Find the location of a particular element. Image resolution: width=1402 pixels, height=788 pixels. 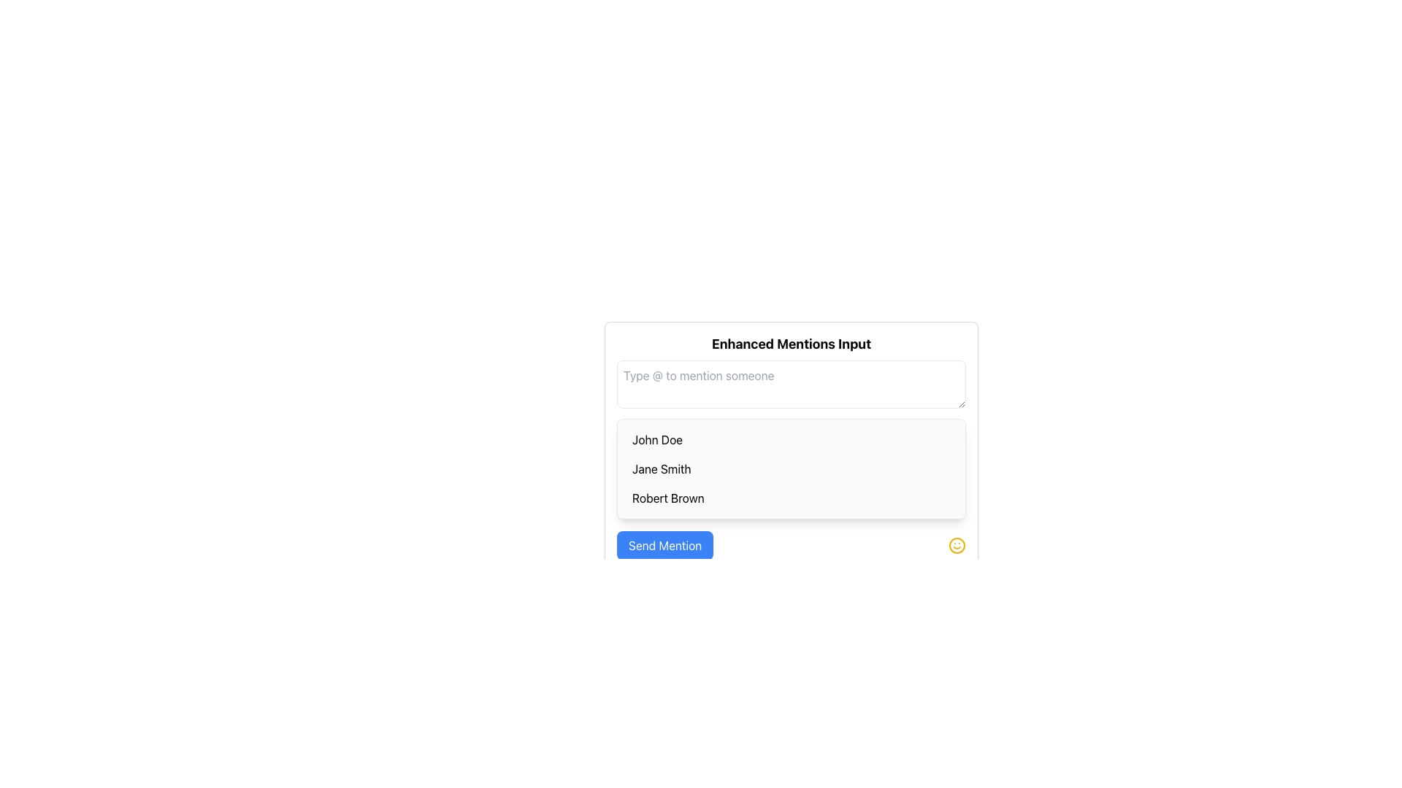

the bold text label reading 'Enhanced Mentions Input' located at the top of the user input section is located at coordinates (791, 344).